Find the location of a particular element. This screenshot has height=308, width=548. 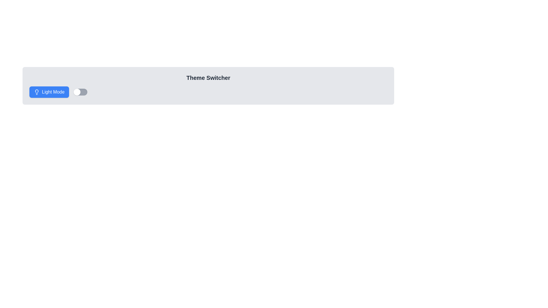

the toggle handle located at the left end of the toggle switch to change its state is located at coordinates (77, 92).